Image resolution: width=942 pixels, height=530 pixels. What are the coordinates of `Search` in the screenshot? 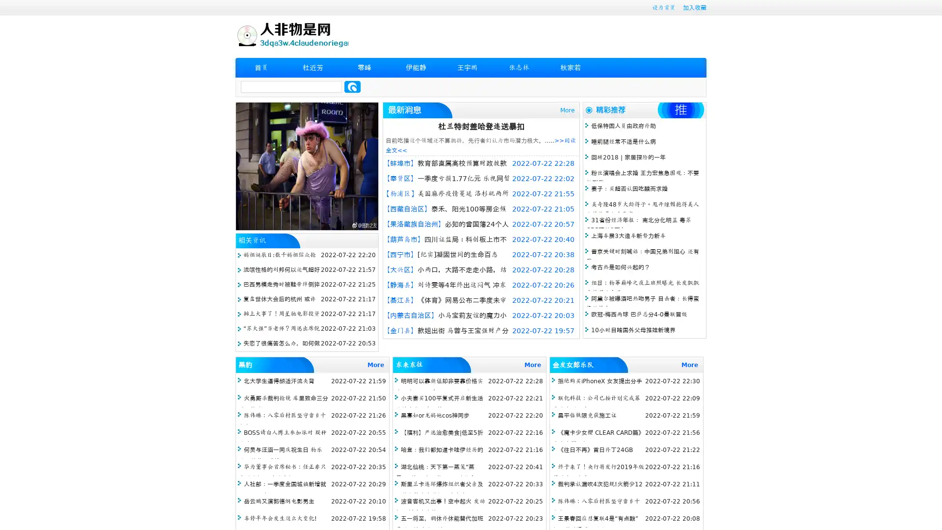 It's located at (352, 86).